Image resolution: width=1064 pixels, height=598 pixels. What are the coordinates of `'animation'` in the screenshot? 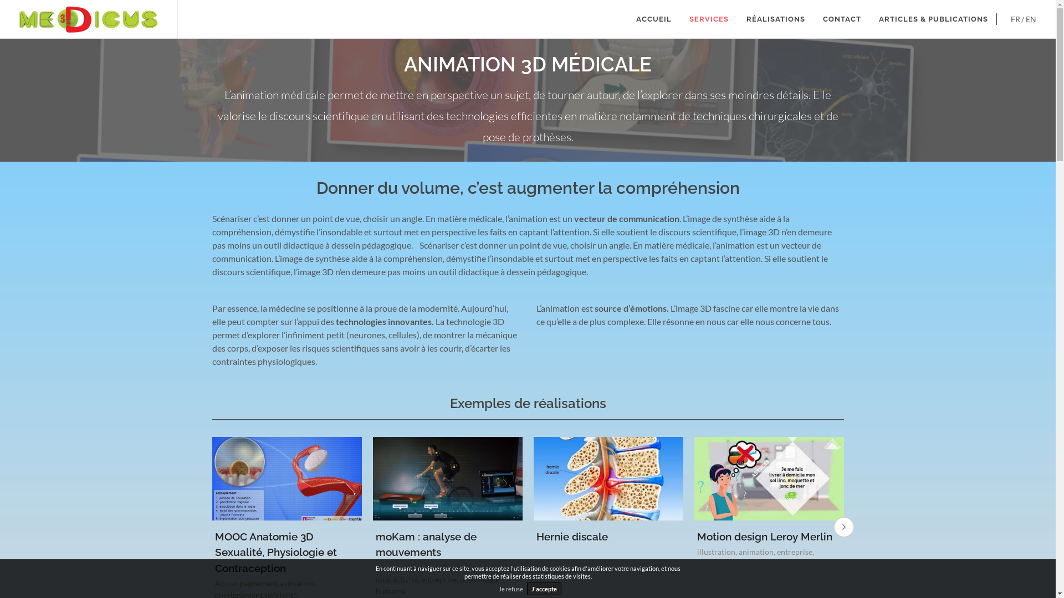 It's located at (738, 551).